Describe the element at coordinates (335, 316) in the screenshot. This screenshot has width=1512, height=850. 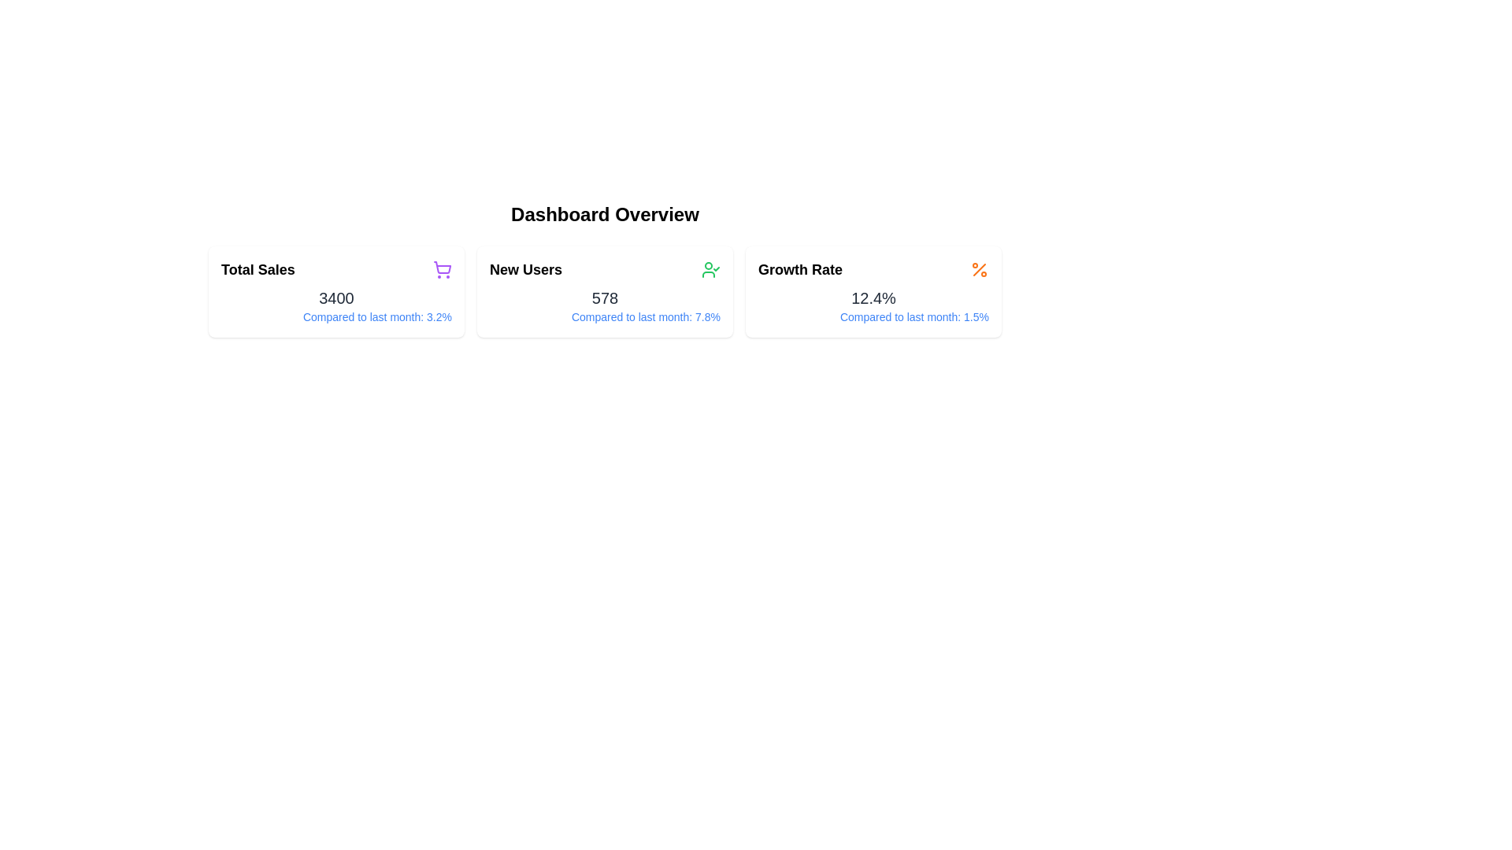
I see `the informational text label that compares current sales to the previous month's value, located at the bottom of the card in the leftmost group of the dashboard view` at that location.